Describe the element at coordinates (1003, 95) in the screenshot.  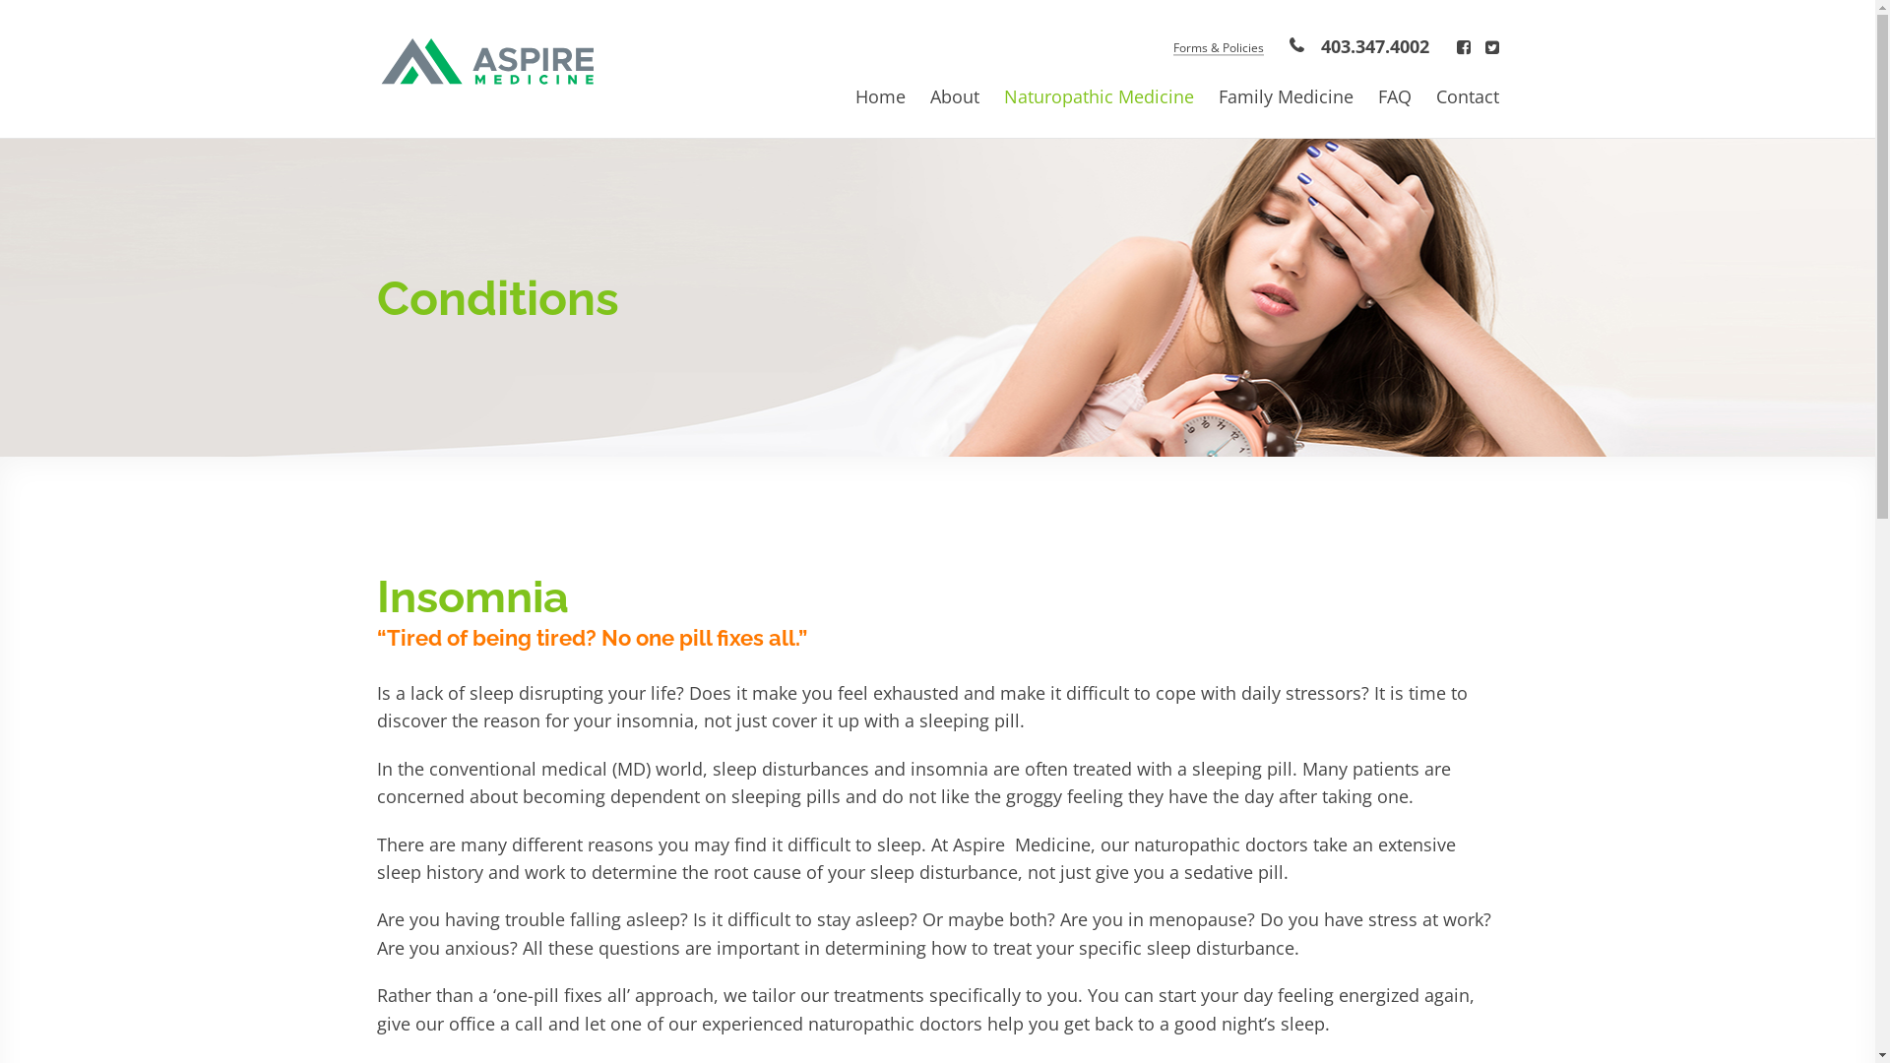
I see `'Naturopathic Medicine'` at that location.